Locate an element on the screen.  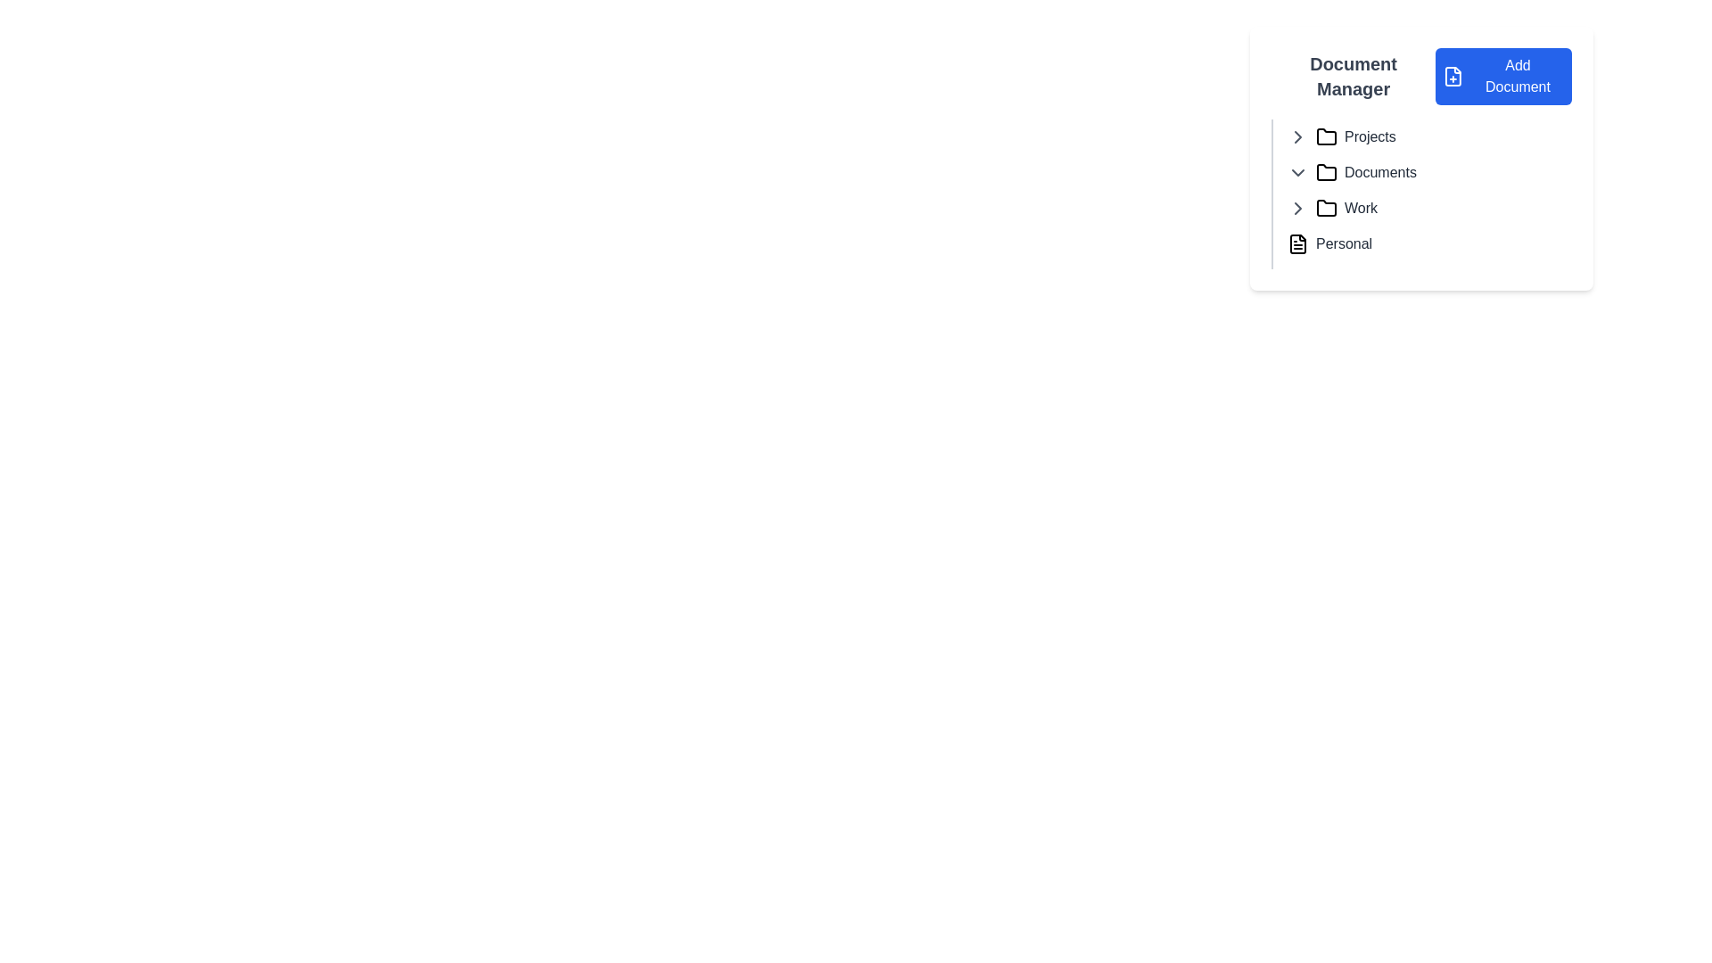
the decorative SVG folder icon located is located at coordinates (1327, 136).